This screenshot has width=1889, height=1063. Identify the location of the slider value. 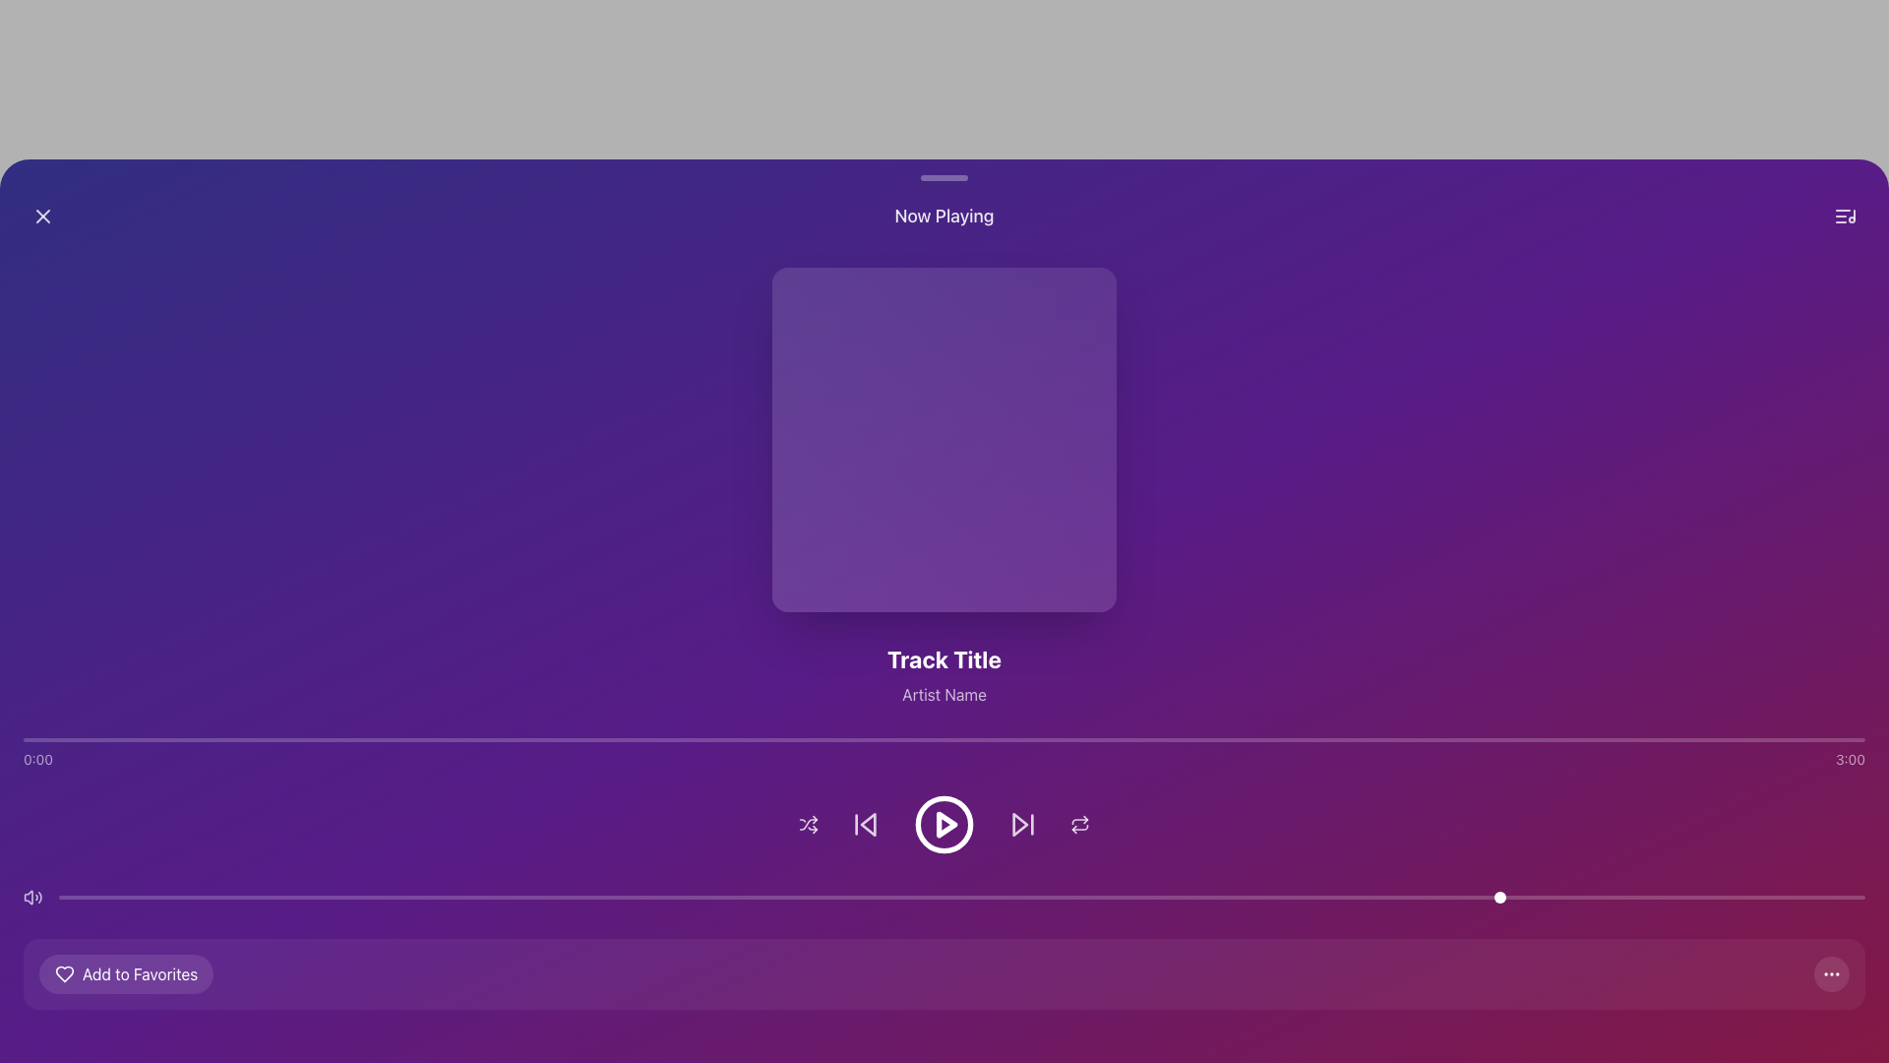
(1810, 897).